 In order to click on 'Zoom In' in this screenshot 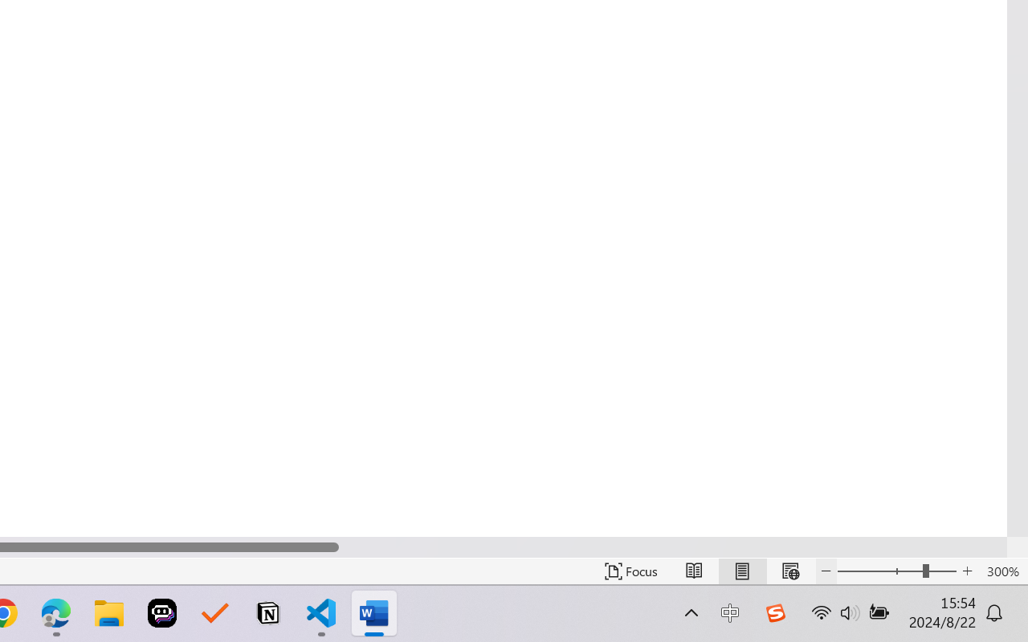, I will do `click(967, 571)`.